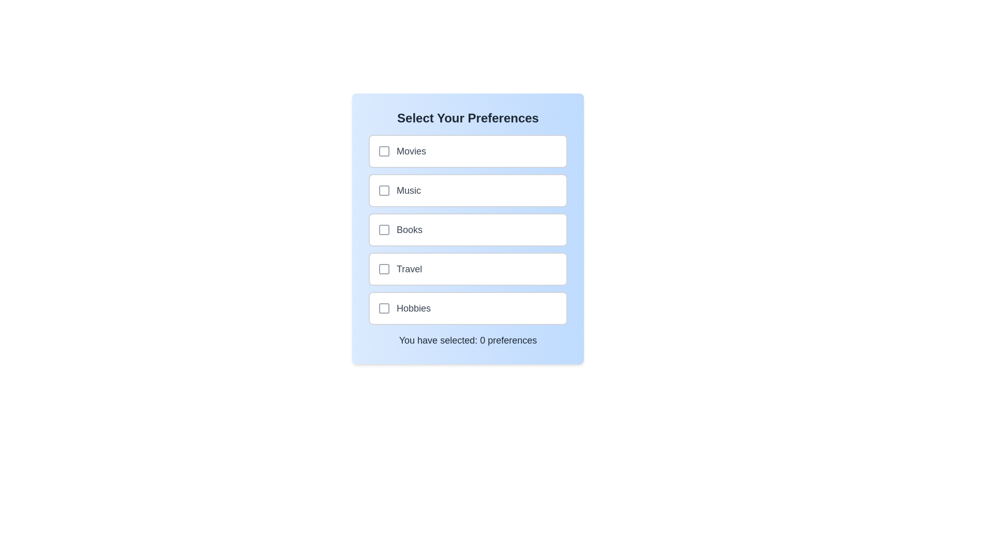 The width and height of the screenshot is (993, 558). I want to click on the checkbox corresponding to Books to toggle its selection, so click(384, 229).